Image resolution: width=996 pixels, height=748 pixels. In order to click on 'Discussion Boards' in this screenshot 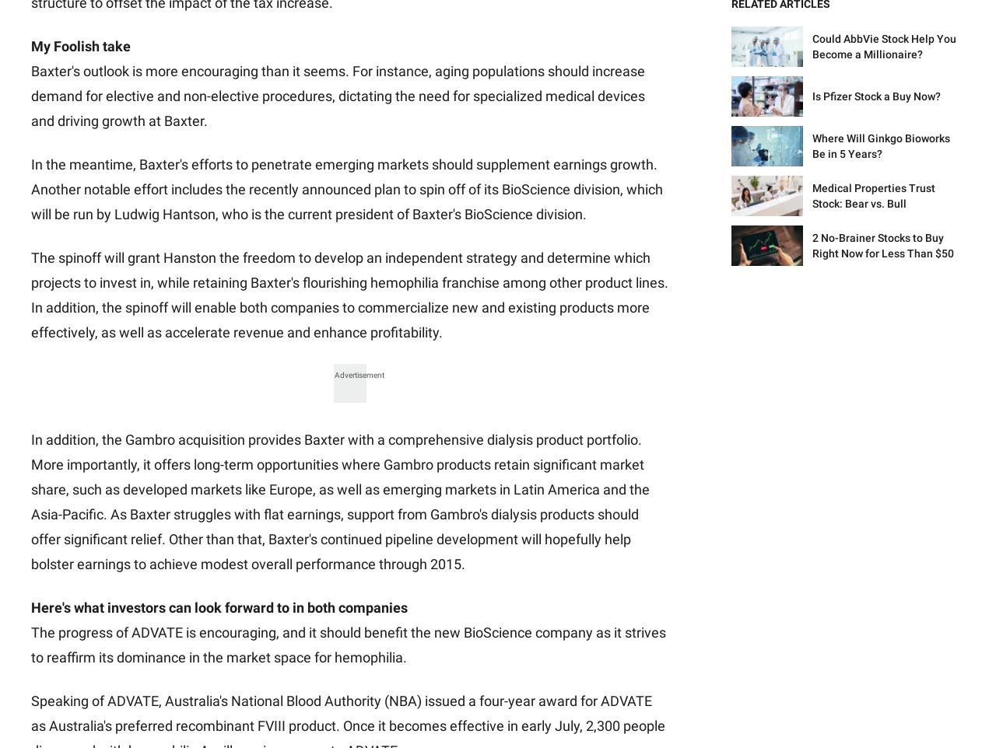, I will do `click(756, 306)`.